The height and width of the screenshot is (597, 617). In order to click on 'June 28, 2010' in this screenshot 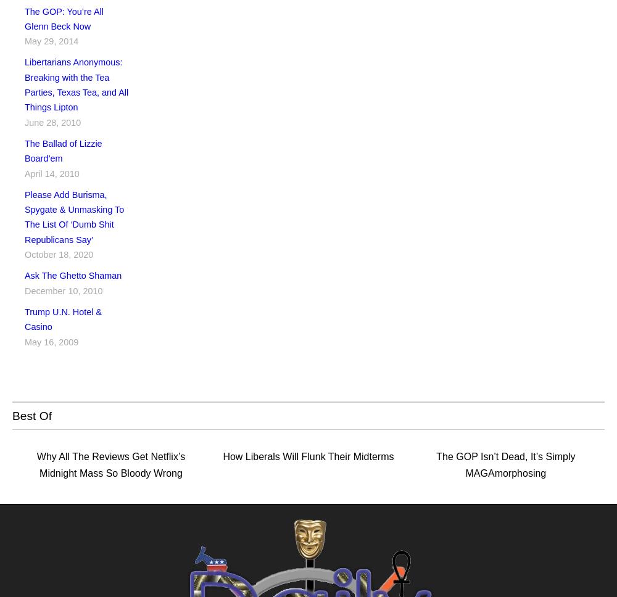, I will do `click(52, 121)`.